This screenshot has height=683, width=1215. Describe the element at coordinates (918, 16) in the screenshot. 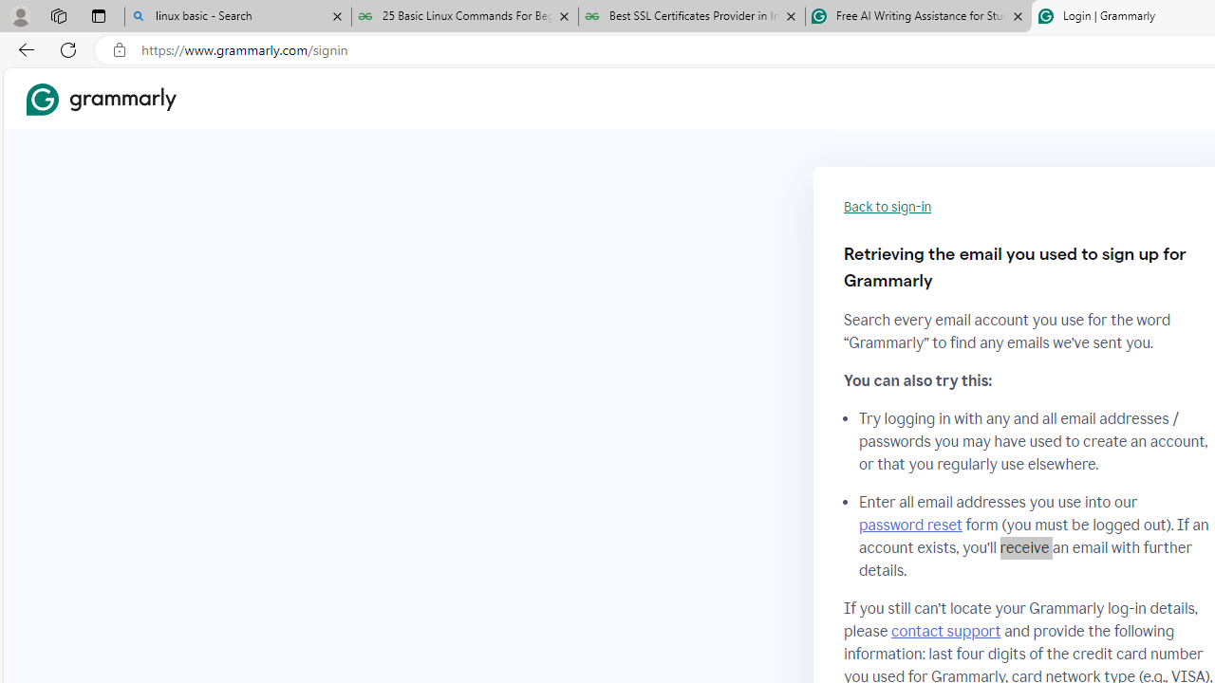

I see `'Free AI Writing Assistance for Students | Grammarly'` at that location.